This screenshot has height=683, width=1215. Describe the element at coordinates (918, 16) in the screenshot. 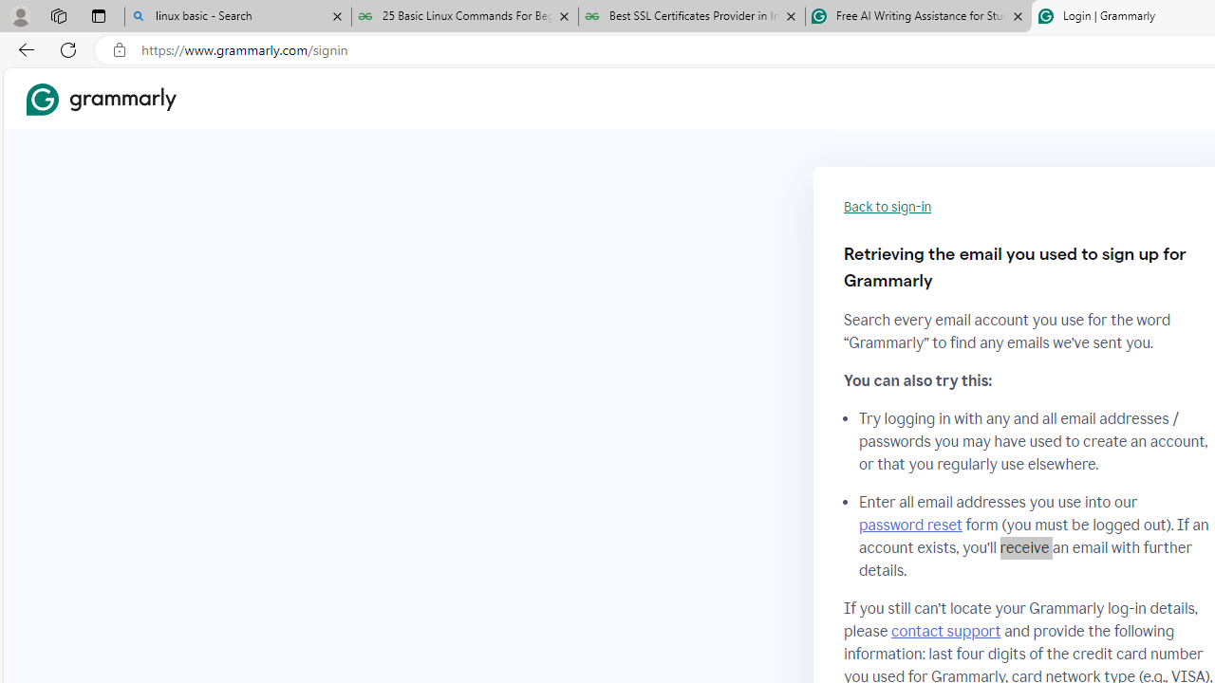

I see `'Free AI Writing Assistance for Students | Grammarly'` at that location.